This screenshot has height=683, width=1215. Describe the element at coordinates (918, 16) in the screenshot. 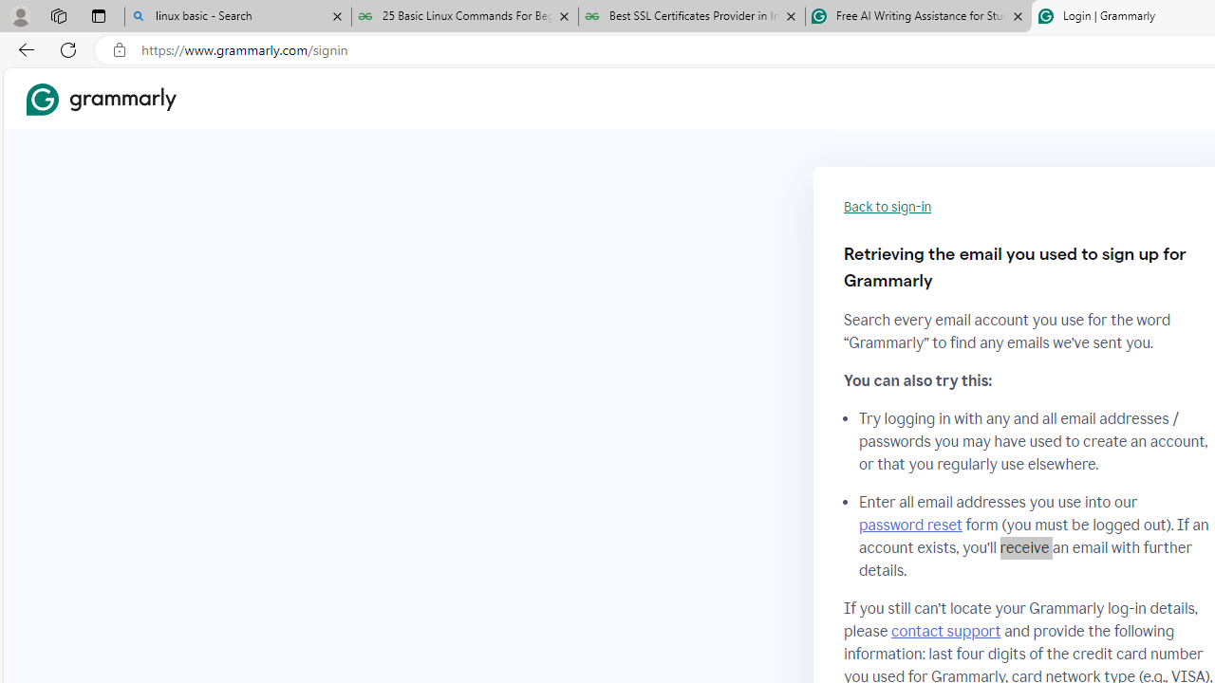

I see `'Free AI Writing Assistance for Students | Grammarly'` at that location.